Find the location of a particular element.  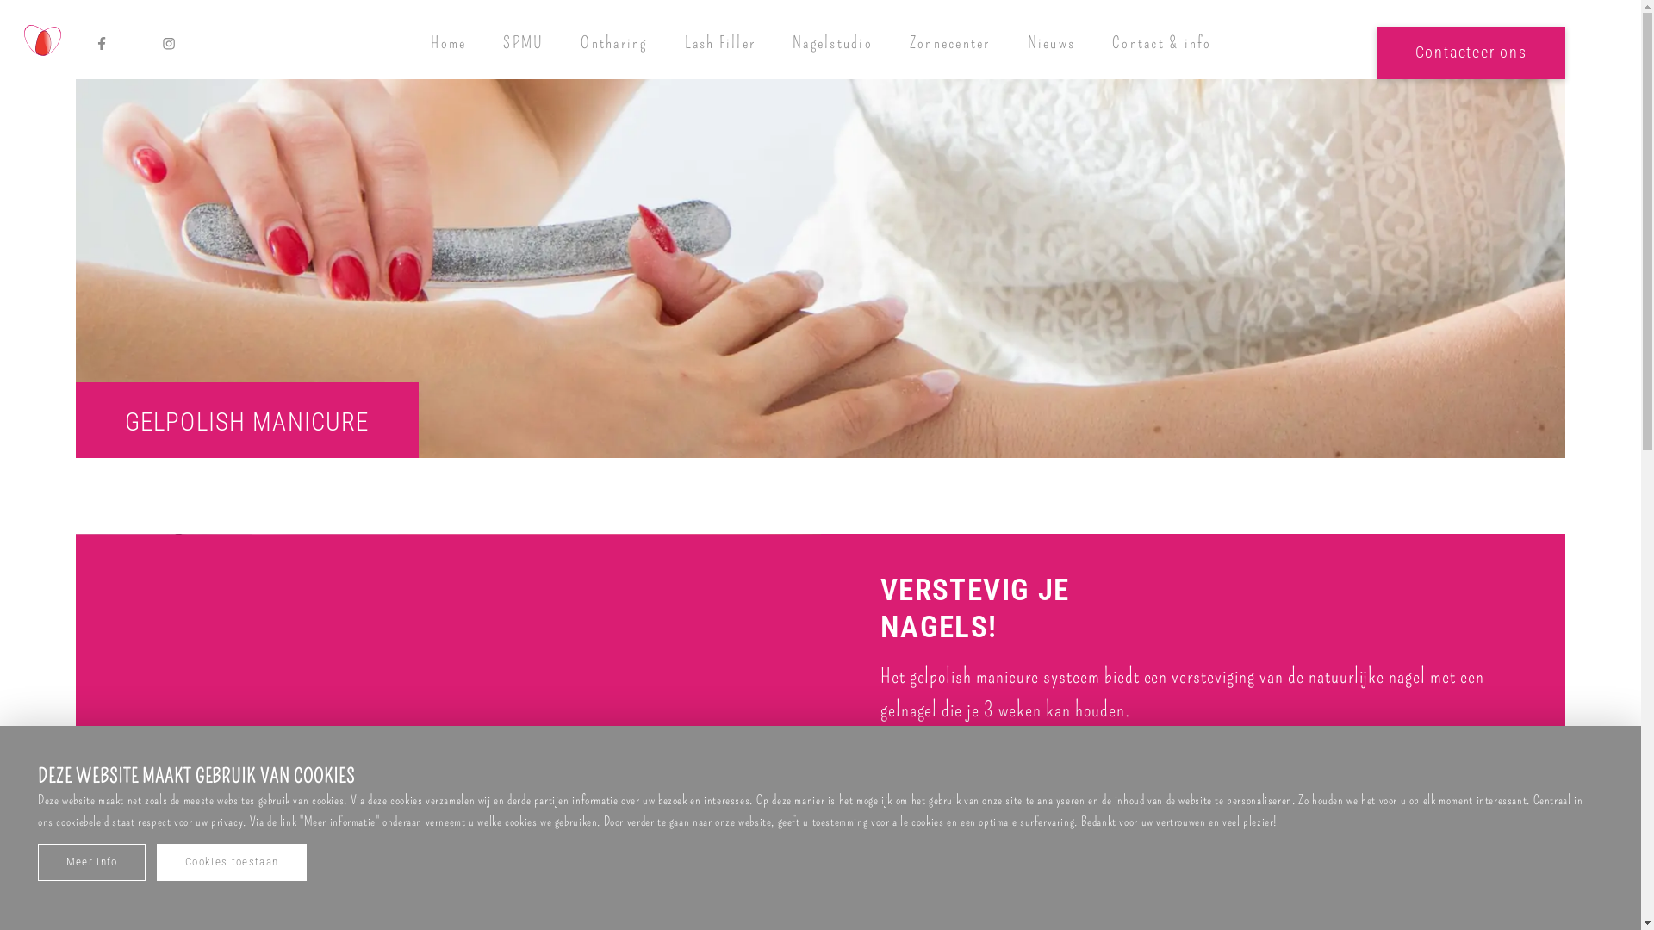

'Meer info' is located at coordinates (90, 862).